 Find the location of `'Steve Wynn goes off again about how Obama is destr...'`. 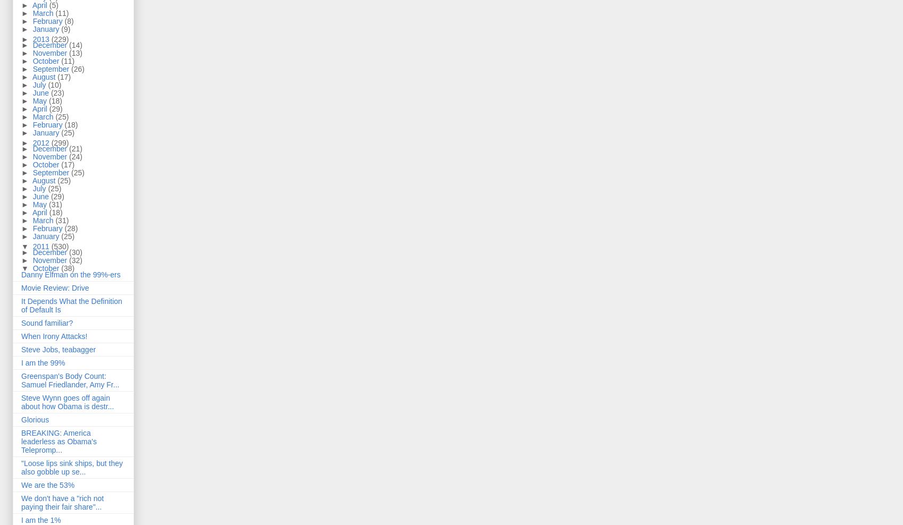

'Steve Wynn goes off again about how Obama is destr...' is located at coordinates (21, 401).